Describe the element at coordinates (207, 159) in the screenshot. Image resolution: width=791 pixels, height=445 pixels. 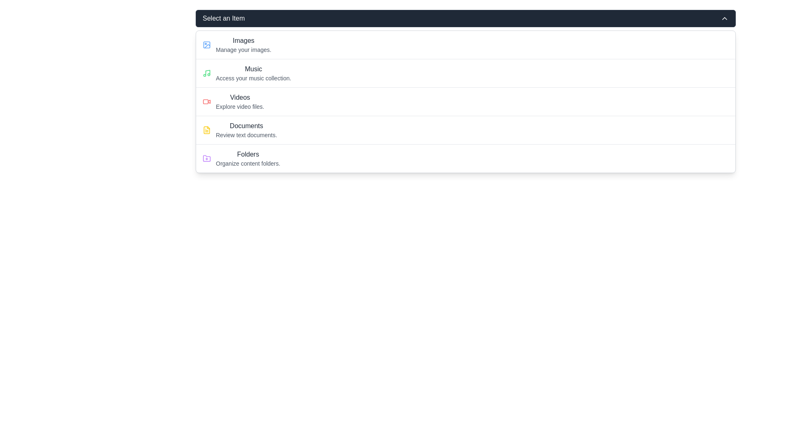
I see `the SVG-based Icon representing the 'Folders' menu item` at that location.